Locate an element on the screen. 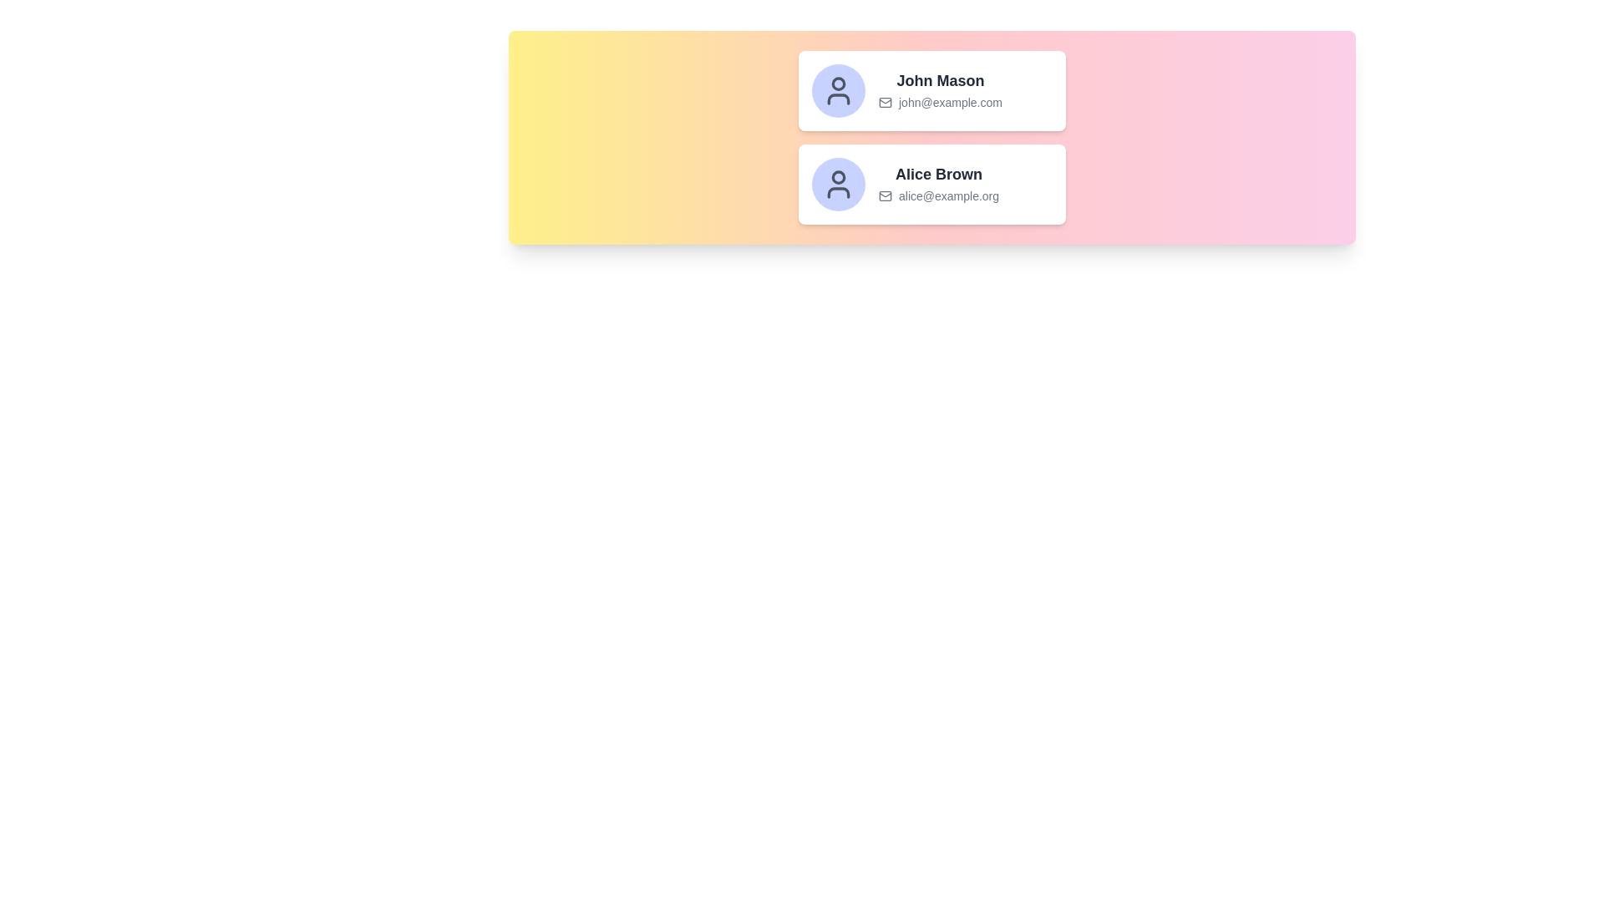 The height and width of the screenshot is (902, 1604). the internal rectangular shape with rounded corners of the envelope icon located to the left of 'Alice Brown' and 'alice@example.org' is located at coordinates (885, 195).